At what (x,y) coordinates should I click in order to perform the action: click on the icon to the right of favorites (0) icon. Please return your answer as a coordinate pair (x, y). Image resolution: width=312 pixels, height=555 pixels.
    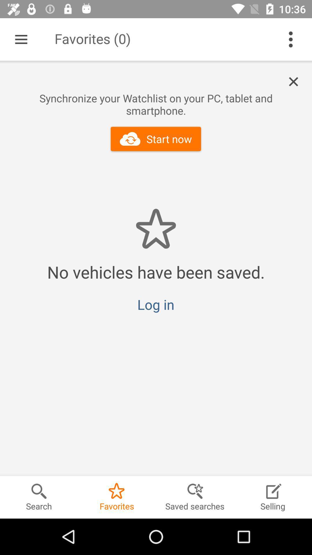
    Looking at the image, I should click on (291, 39).